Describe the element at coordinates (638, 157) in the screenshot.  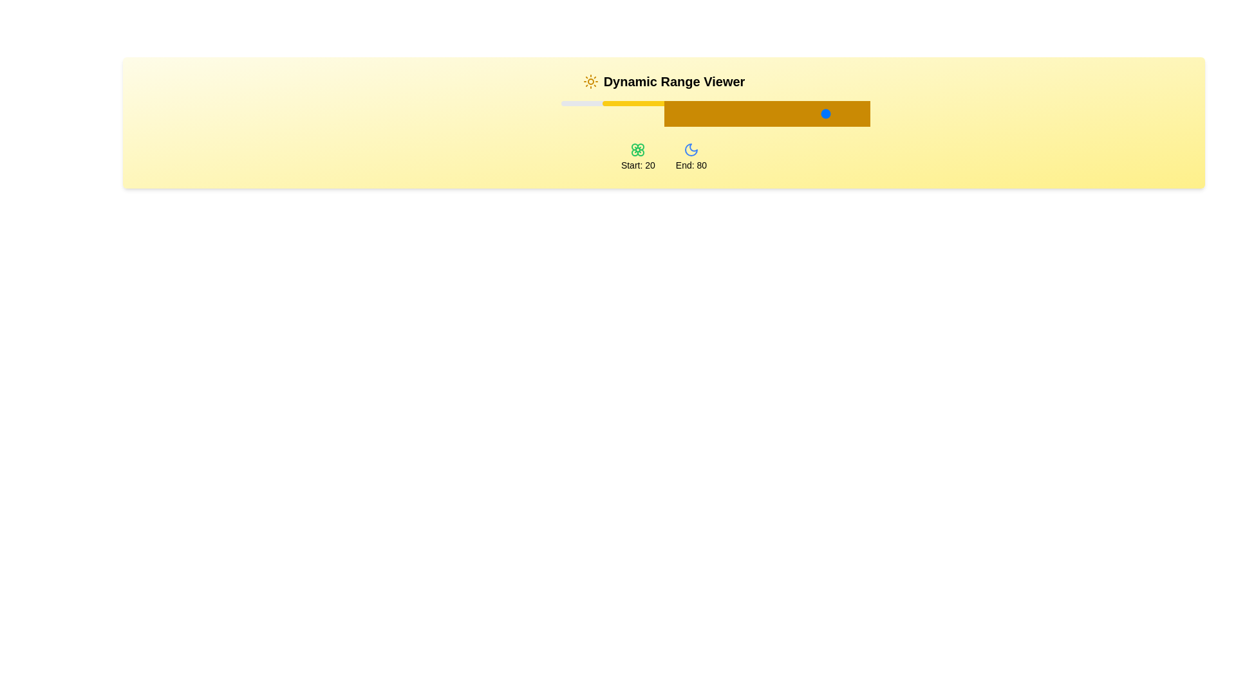
I see `the label indicating the starting value of the range, which is labeled 'Start: 20' and is located below the slider component` at that location.